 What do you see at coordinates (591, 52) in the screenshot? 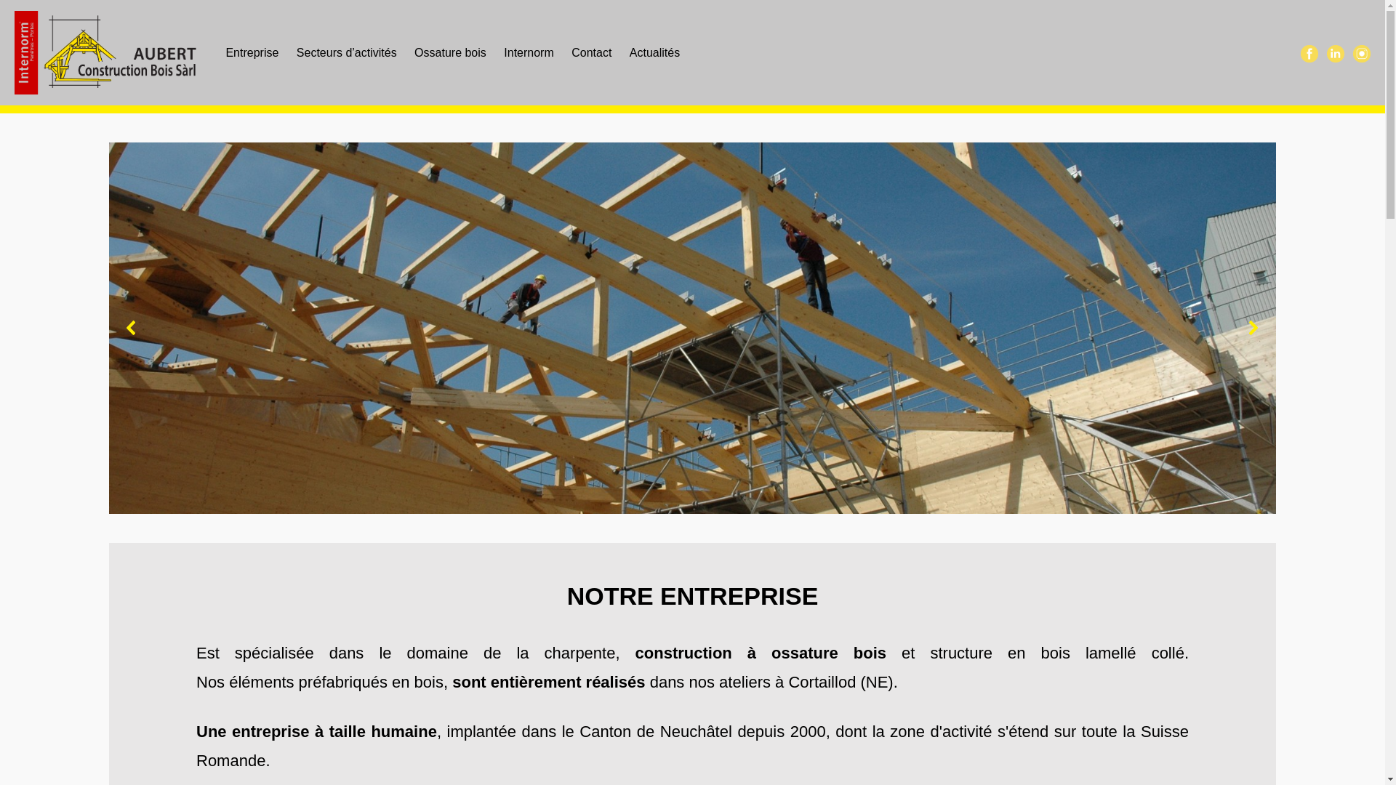
I see `'Contact'` at bounding box center [591, 52].